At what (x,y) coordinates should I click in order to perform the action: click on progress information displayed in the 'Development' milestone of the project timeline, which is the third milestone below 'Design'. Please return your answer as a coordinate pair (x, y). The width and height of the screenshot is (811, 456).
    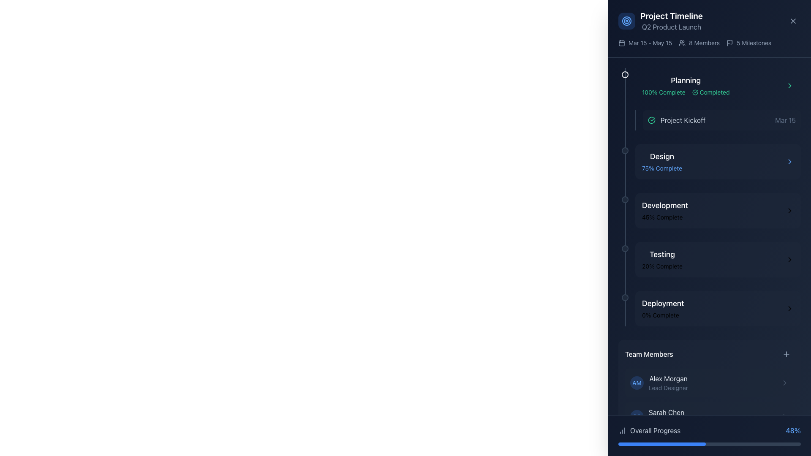
    Looking at the image, I should click on (664, 210).